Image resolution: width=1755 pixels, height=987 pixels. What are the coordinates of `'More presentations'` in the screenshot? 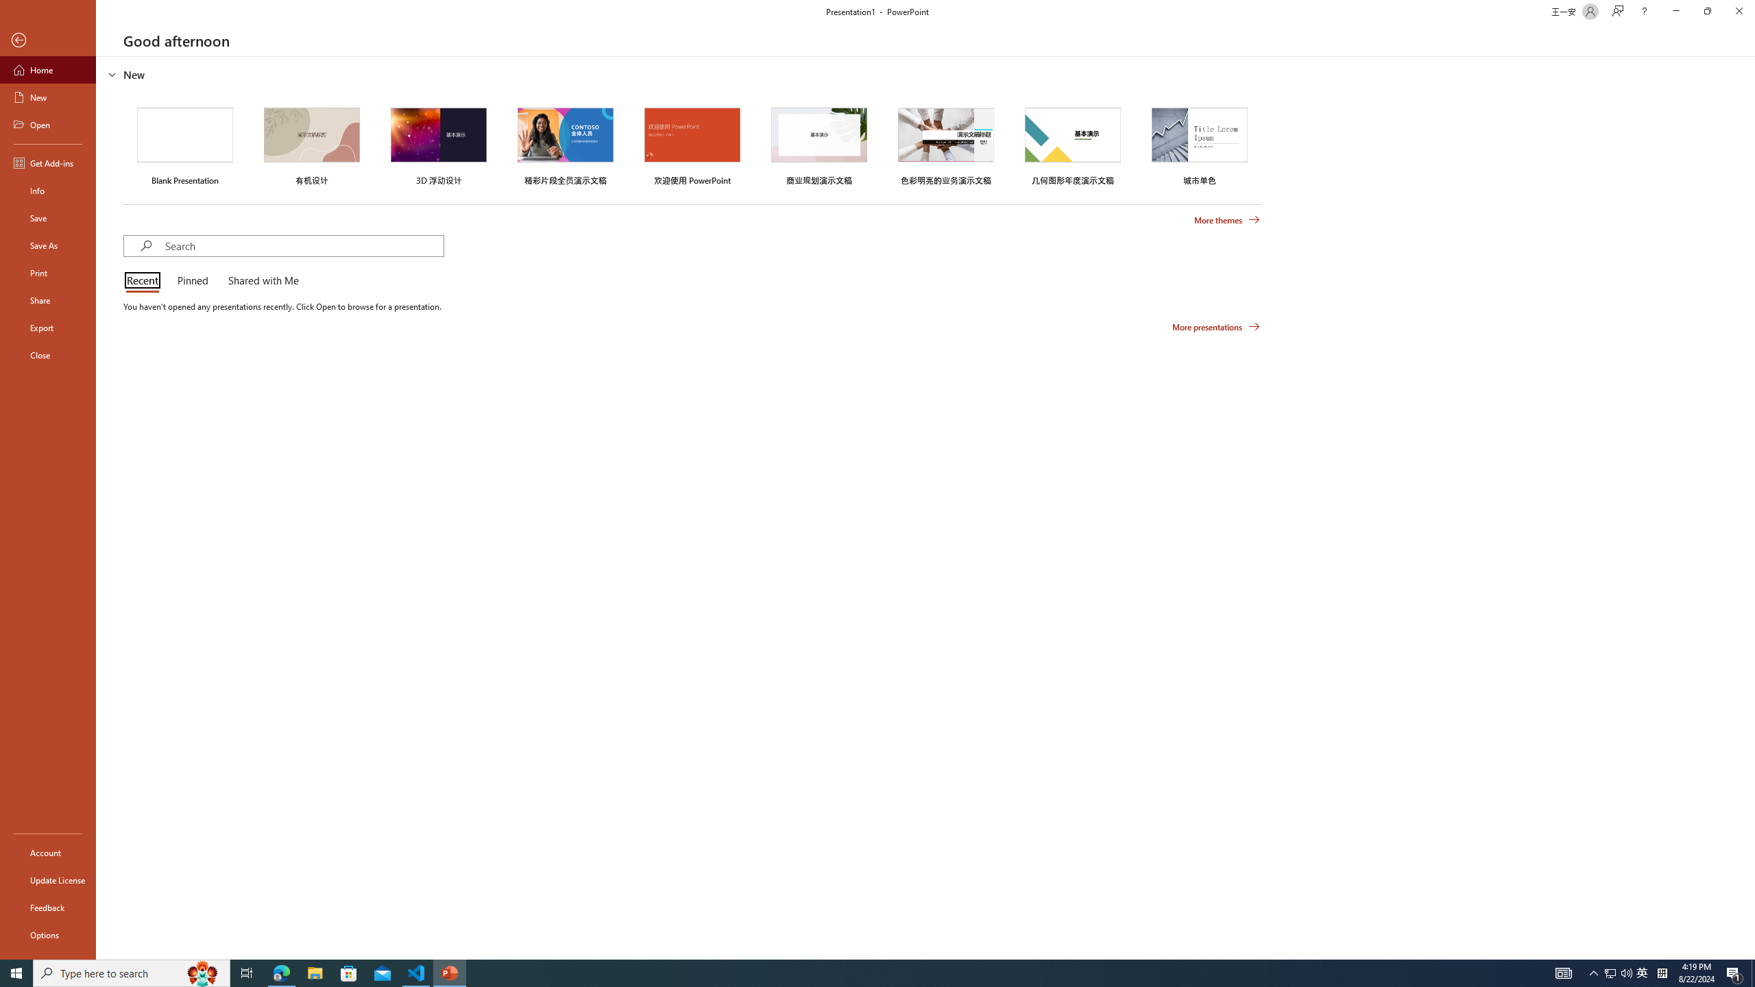 It's located at (1215, 326).